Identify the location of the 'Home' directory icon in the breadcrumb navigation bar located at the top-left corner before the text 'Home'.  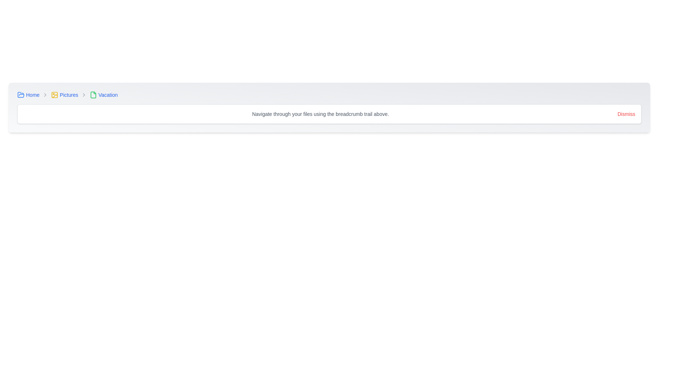
(21, 94).